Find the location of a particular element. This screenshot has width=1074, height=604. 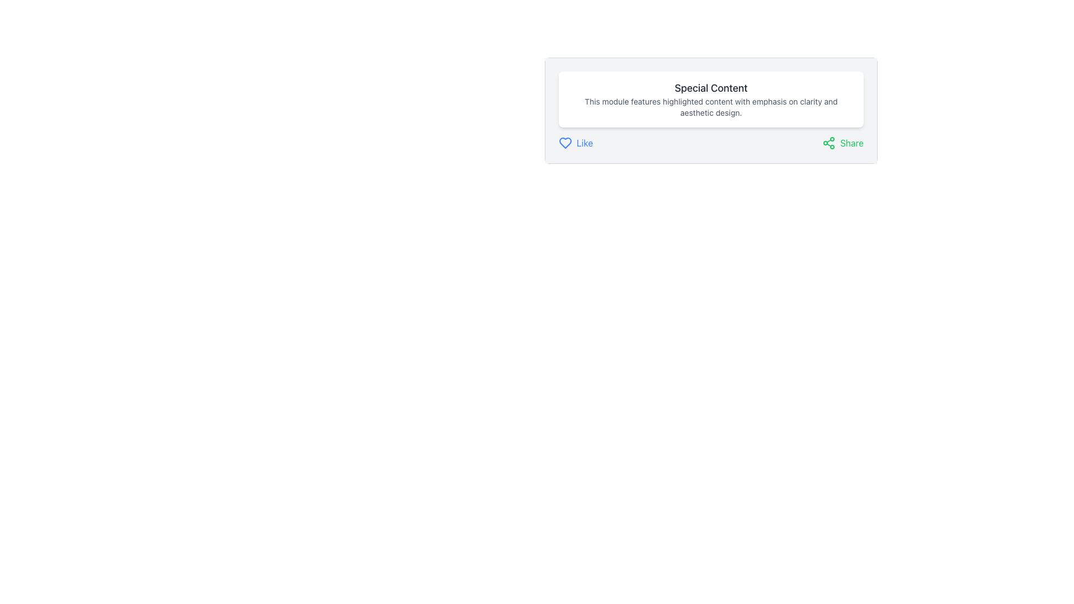

the 'Like' button located at the bottom-left corner of the 'Special Content' card is located at coordinates (576, 142).